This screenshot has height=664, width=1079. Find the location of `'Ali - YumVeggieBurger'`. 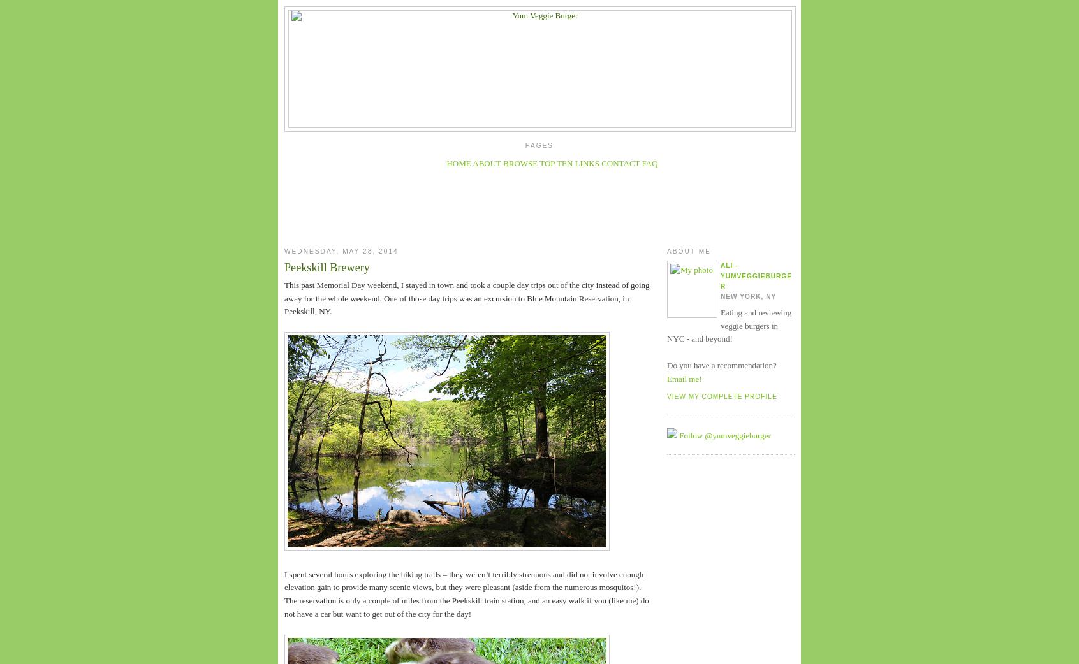

'Ali - YumVeggieBurger' is located at coordinates (755, 275).